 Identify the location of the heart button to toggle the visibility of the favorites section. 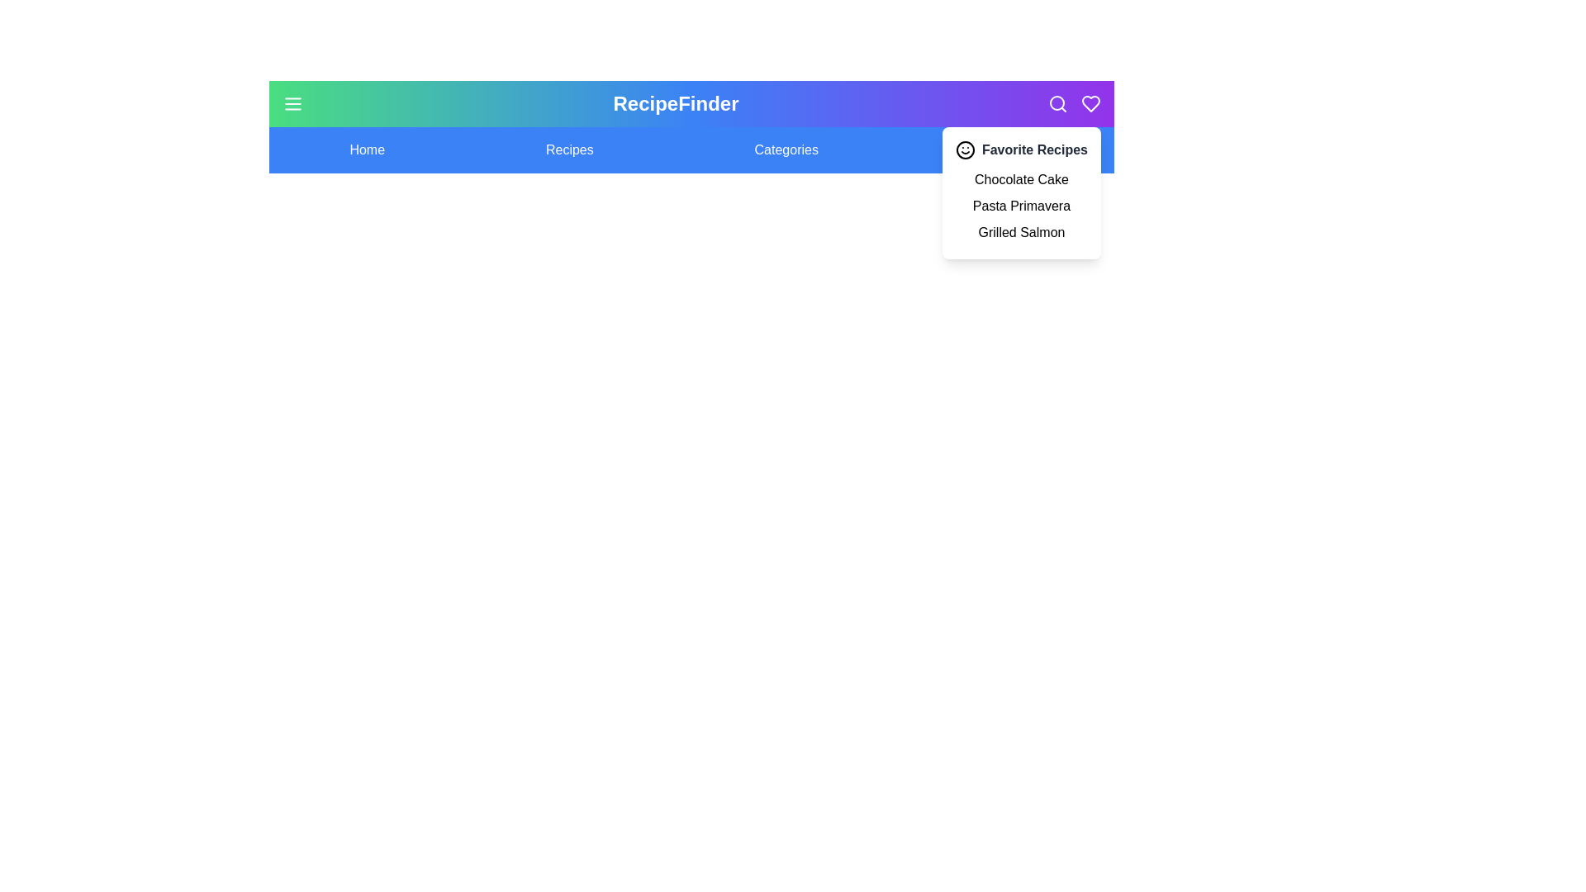
(1090, 104).